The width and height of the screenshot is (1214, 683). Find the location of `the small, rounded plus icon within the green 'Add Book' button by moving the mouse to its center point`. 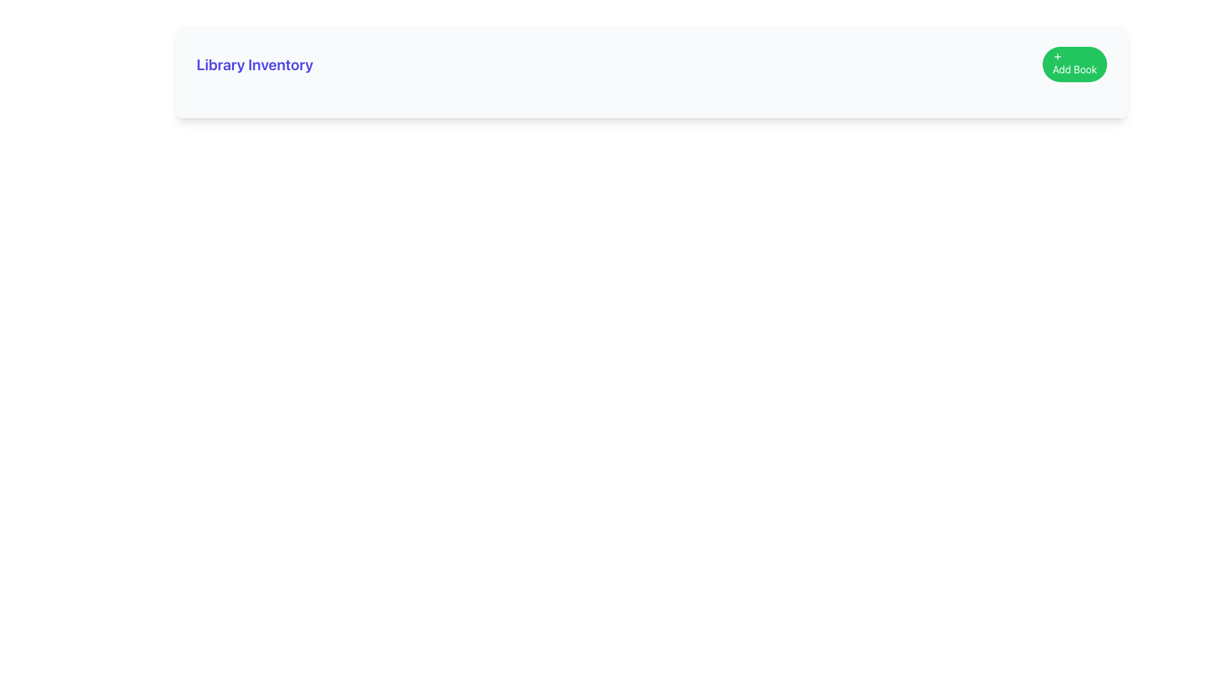

the small, rounded plus icon within the green 'Add Book' button by moving the mouse to its center point is located at coordinates (1057, 56).